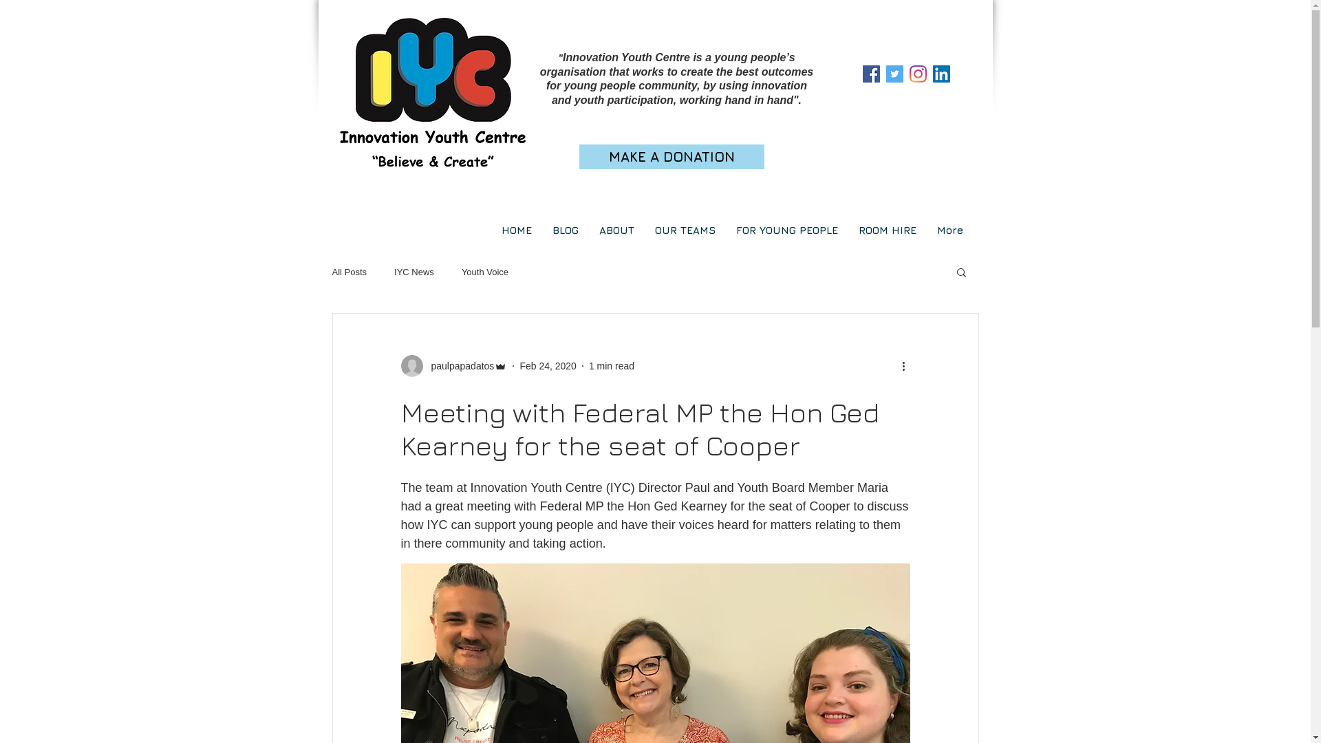 Image resolution: width=1321 pixels, height=743 pixels. What do you see at coordinates (887, 227) in the screenshot?
I see `'ROOM HIRE'` at bounding box center [887, 227].